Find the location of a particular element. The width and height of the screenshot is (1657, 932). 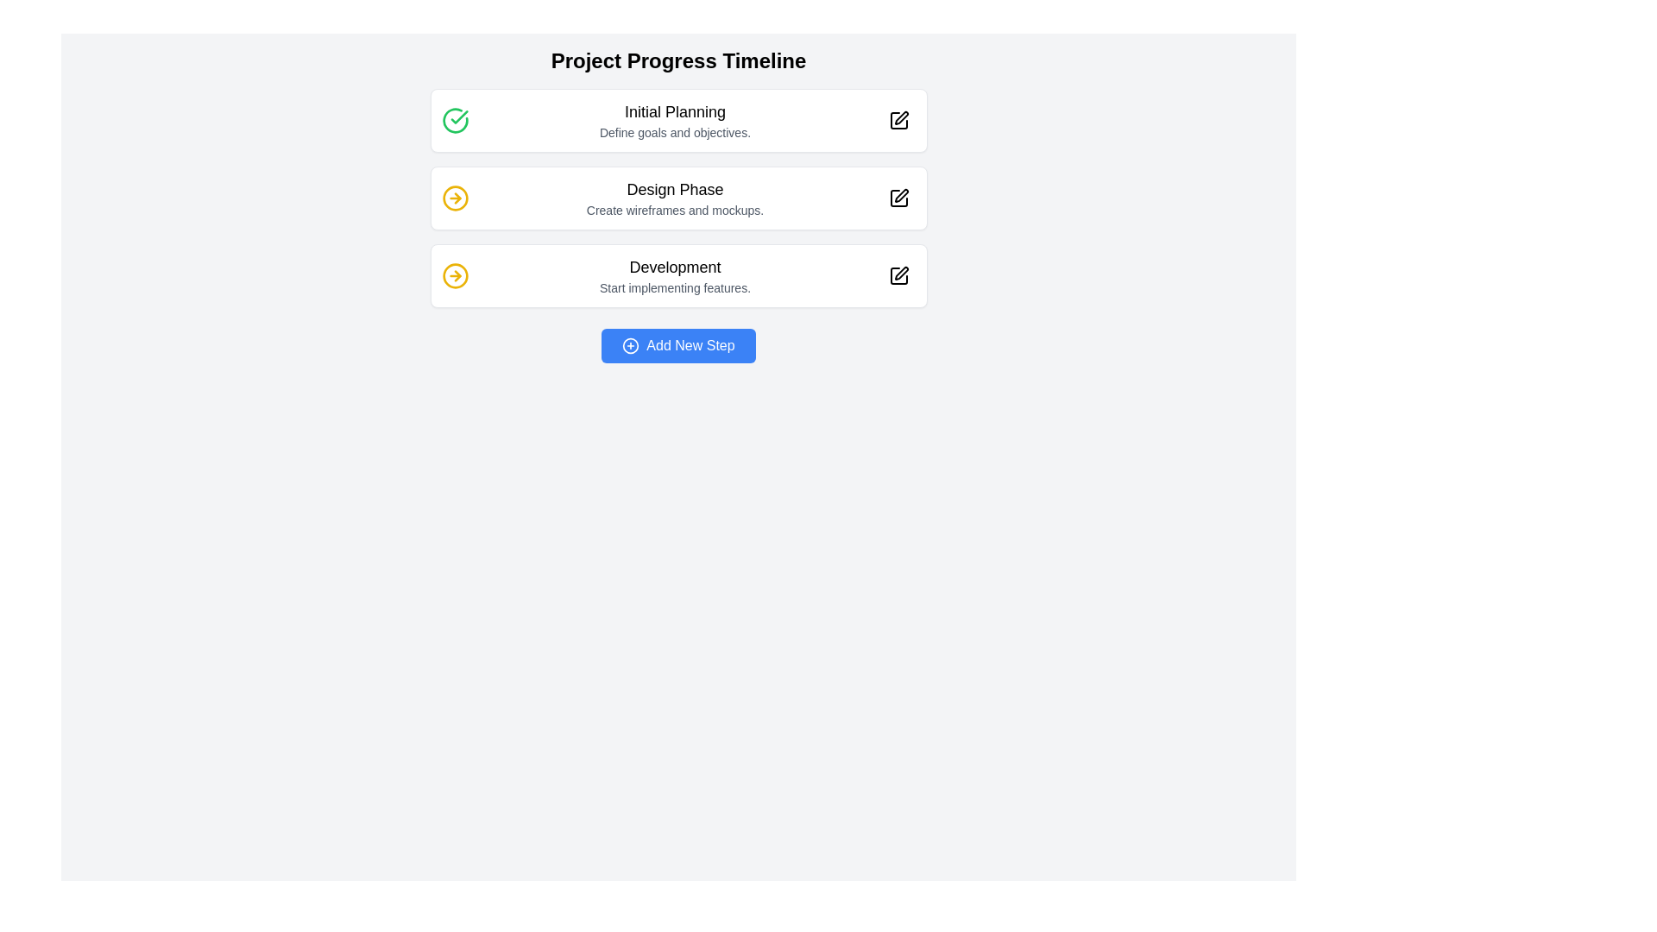

the circular icon with a yellow border and a right-pointing arrow, located at the leftmost side of the 'Development' section, adjacent to the text 'Development' is located at coordinates (455, 275).